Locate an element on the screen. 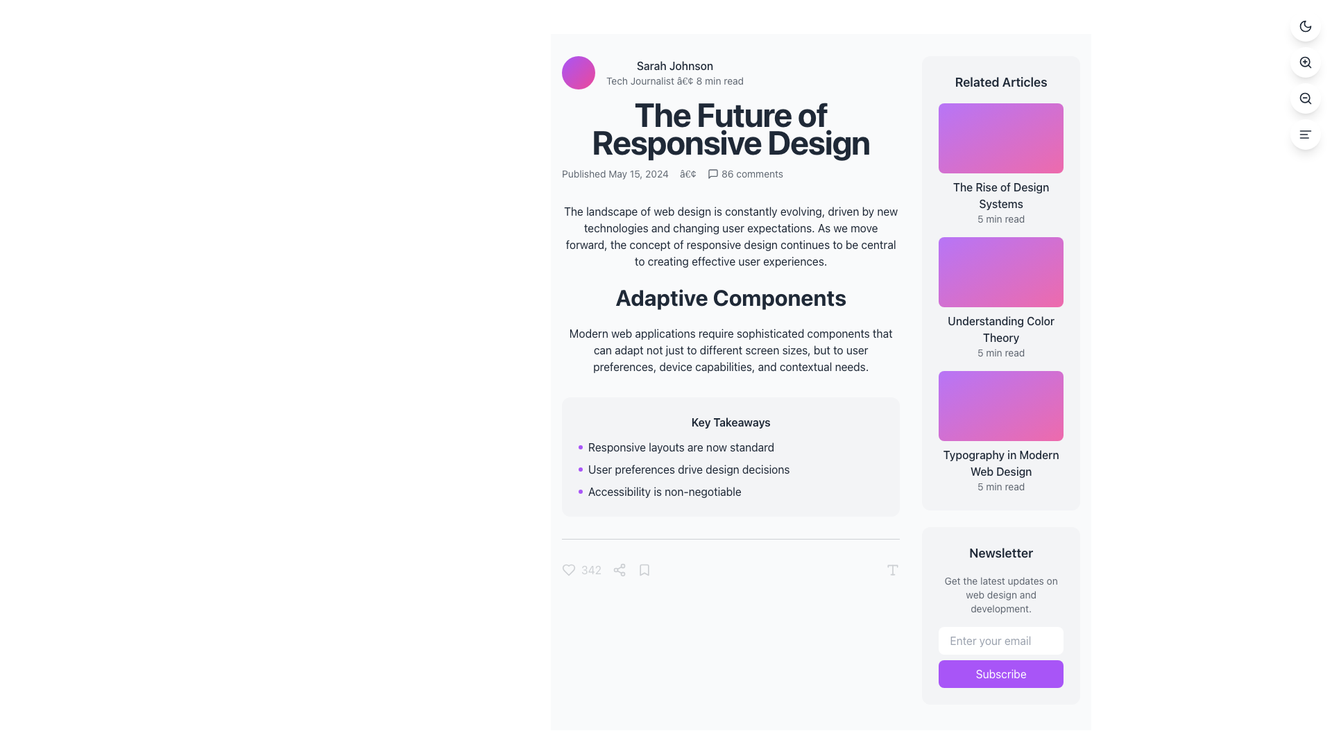 The image size is (1332, 749). the first bullet point text display that says 'Responsive layouts are now standard' under the 'Key Takeaways' section is located at coordinates (681, 447).